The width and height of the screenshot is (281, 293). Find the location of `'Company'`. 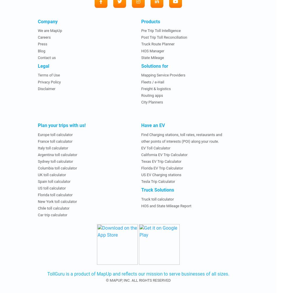

'Company' is located at coordinates (47, 21).